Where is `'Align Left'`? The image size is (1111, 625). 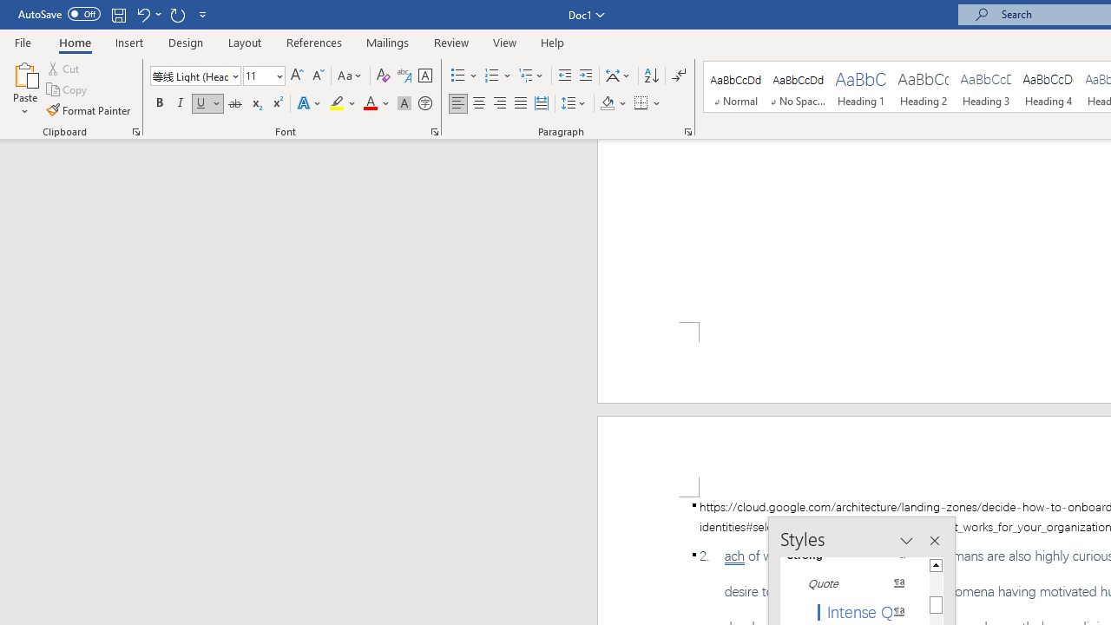
'Align Left' is located at coordinates (458, 103).